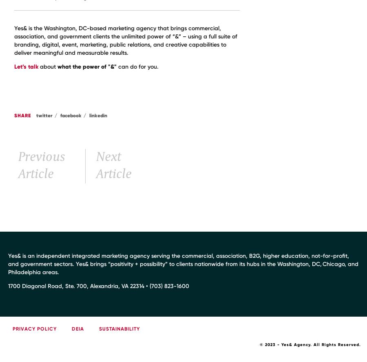 The image size is (367, 362). What do you see at coordinates (77, 329) in the screenshot?
I see `'DEIA'` at bounding box center [77, 329].